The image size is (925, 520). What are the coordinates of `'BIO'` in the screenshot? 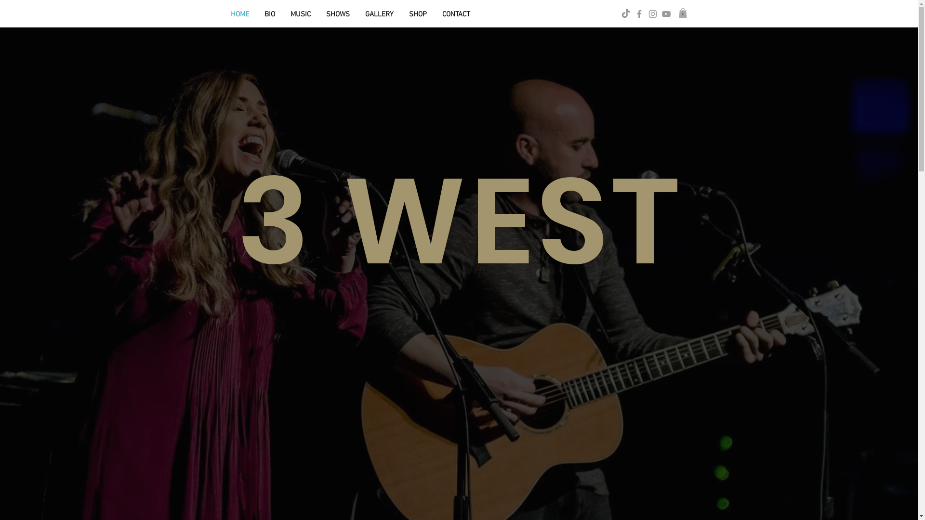 It's located at (269, 14).